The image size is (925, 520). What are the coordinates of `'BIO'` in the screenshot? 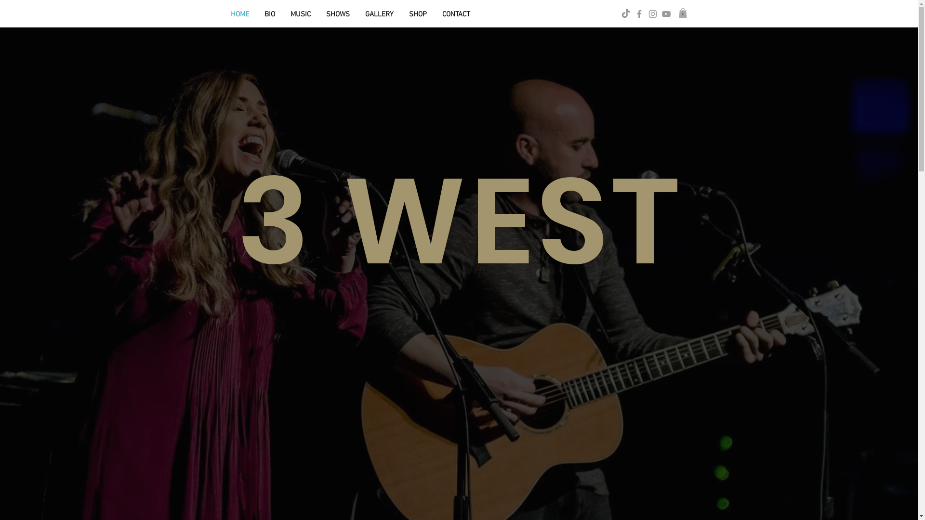 It's located at (269, 14).